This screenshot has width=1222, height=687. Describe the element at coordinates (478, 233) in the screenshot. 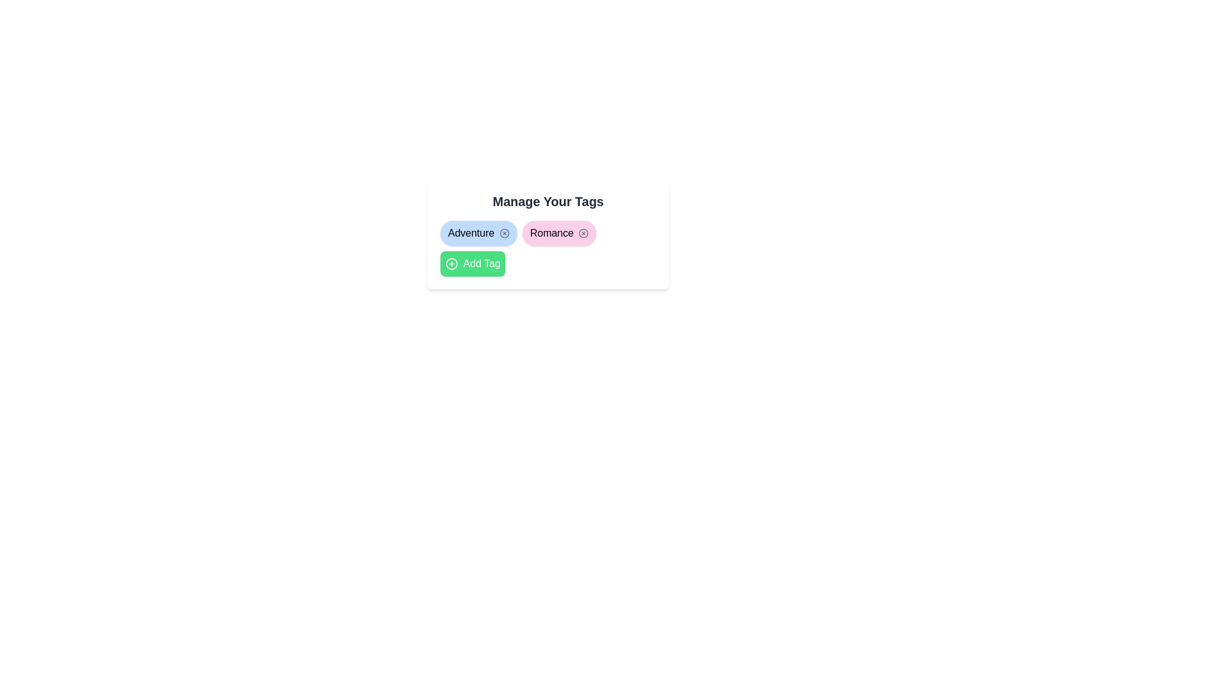

I see `the tag Adventure to observe its hover effect` at that location.